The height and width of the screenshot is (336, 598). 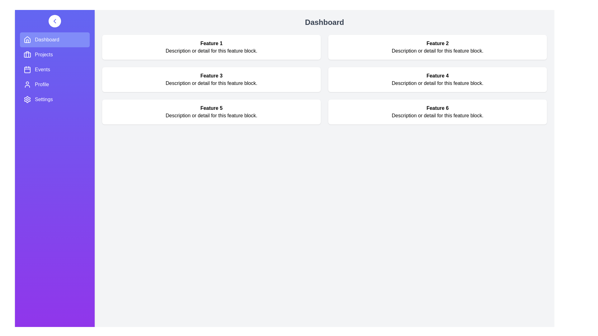 I want to click on the navigation menu item Dashboard, so click(x=55, y=40).